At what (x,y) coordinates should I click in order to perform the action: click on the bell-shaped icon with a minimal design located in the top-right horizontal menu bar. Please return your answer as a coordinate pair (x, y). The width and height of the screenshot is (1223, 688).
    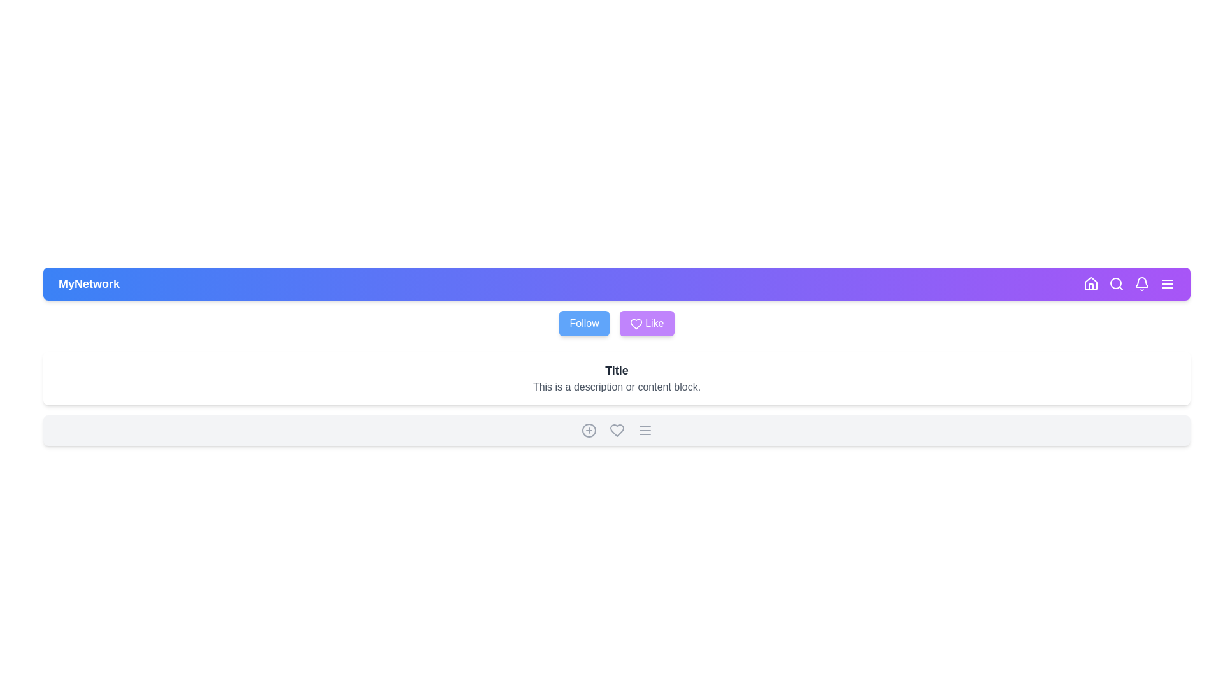
    Looking at the image, I should click on (1142, 283).